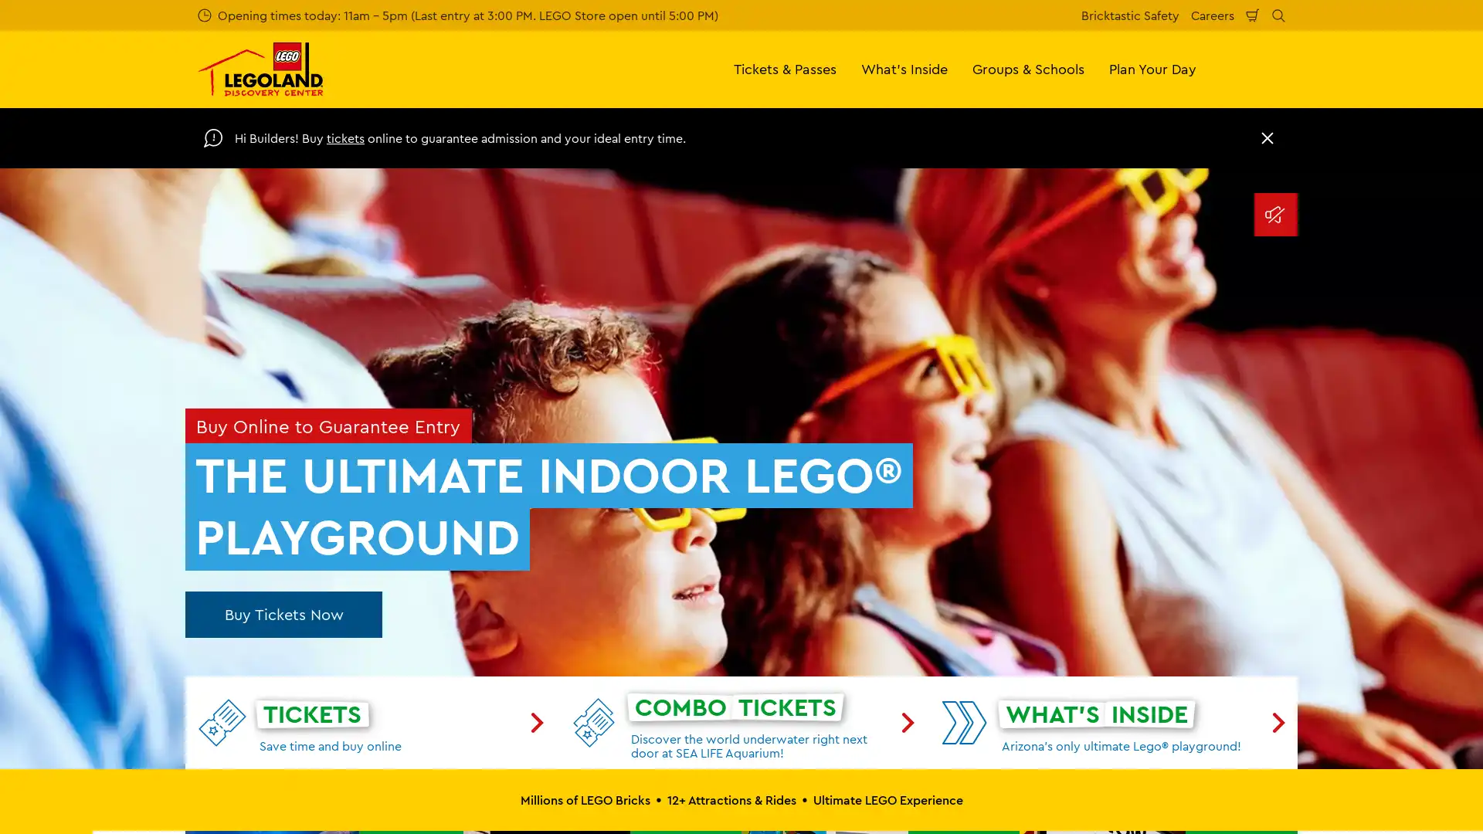 The image size is (1483, 834). Describe the element at coordinates (1278, 15) in the screenshot. I see `Search` at that location.